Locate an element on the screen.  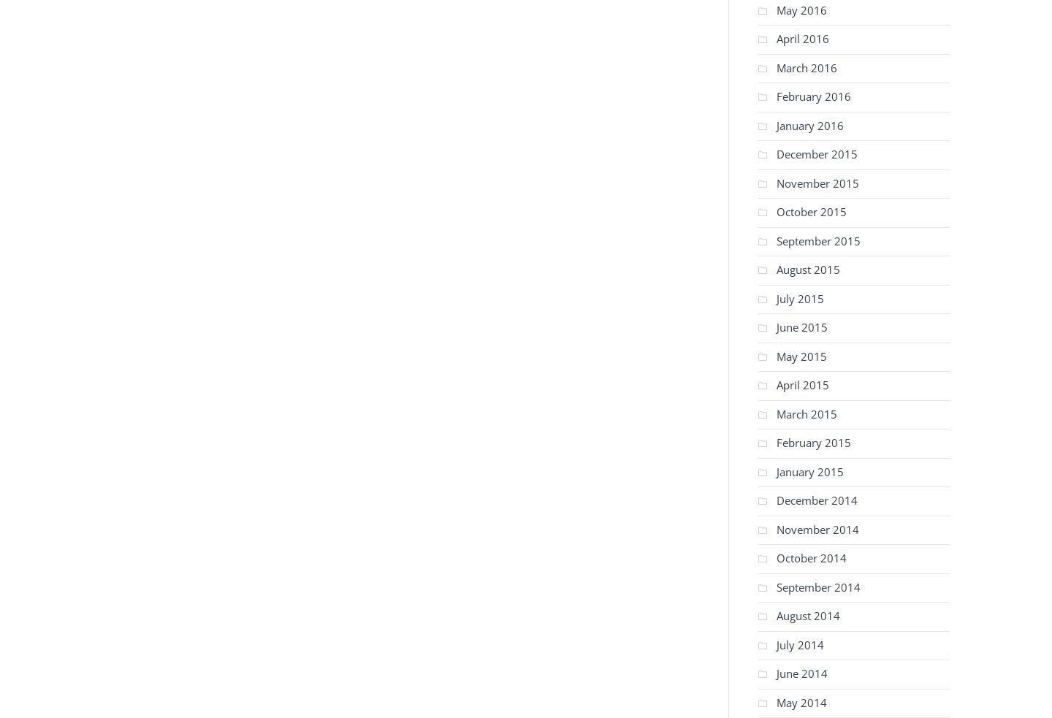
'February 2016' is located at coordinates (812, 96).